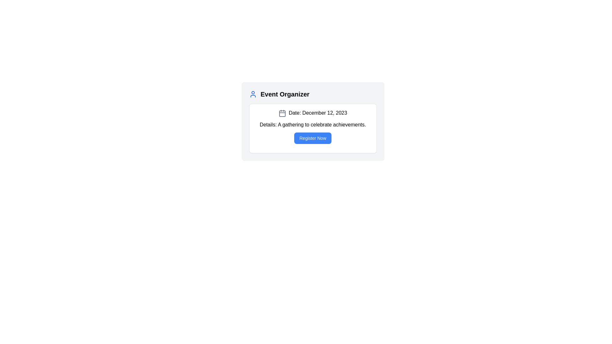  What do you see at coordinates (282, 113) in the screenshot?
I see `the calendar icon located to the immediate left of the text 'Date: December 12, 2023'` at bounding box center [282, 113].